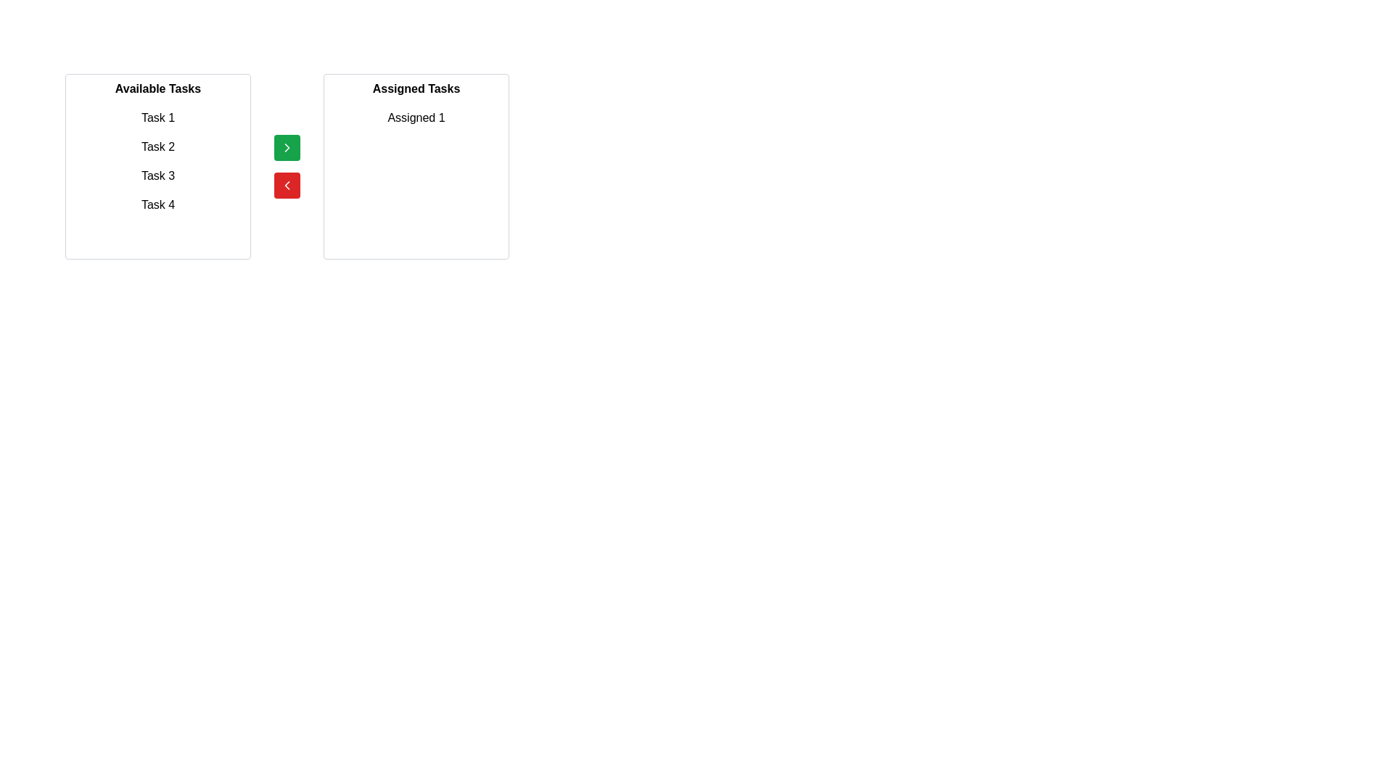  What do you see at coordinates (157, 117) in the screenshot?
I see `the 'Task 1' text label` at bounding box center [157, 117].